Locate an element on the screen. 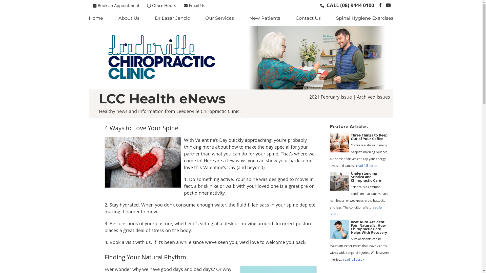  'facebook social button' is located at coordinates (380, 5).